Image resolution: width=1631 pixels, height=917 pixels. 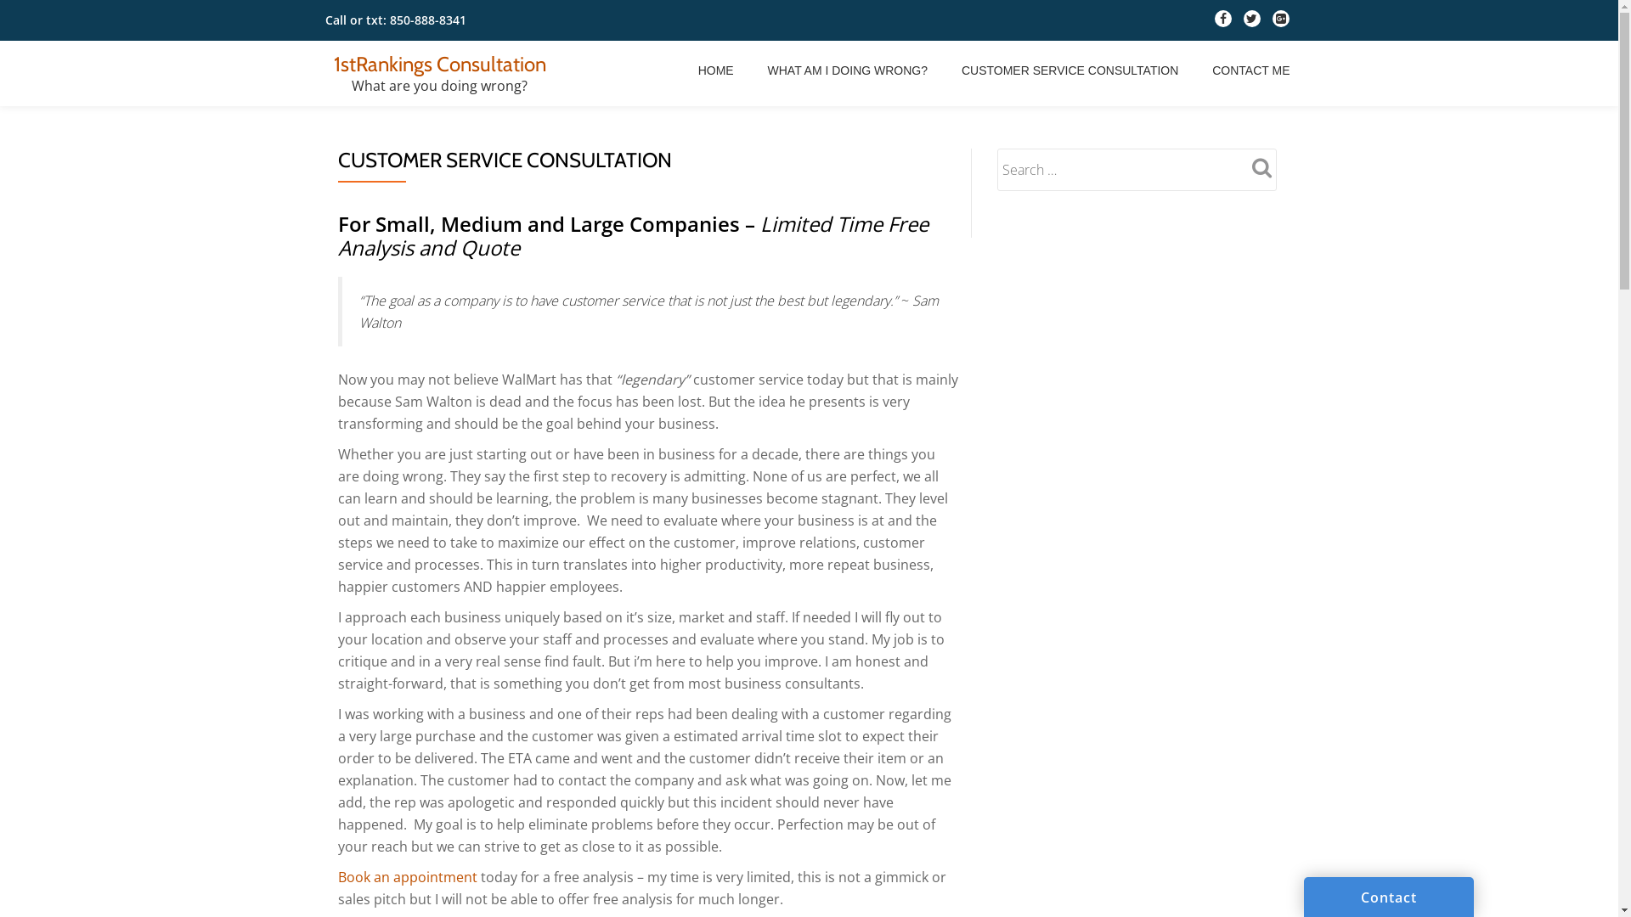 What do you see at coordinates (439, 63) in the screenshot?
I see `'1stRankings Consultation'` at bounding box center [439, 63].